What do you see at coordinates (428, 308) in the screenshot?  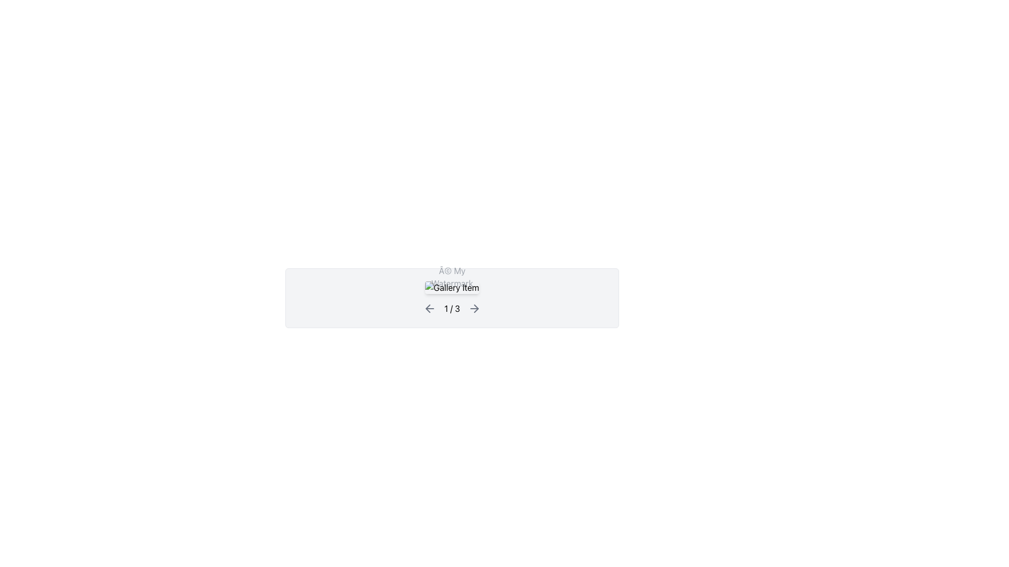 I see `the left arrow icon in the navigation section` at bounding box center [428, 308].